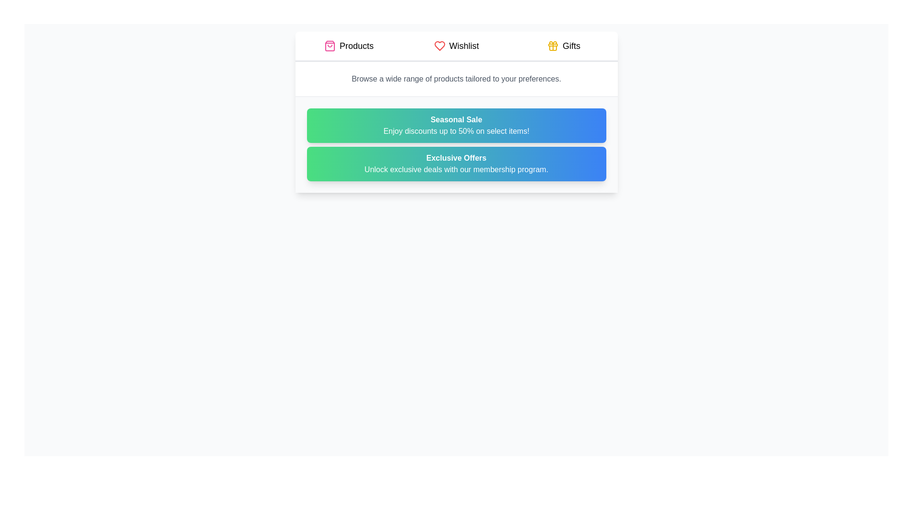 The image size is (921, 518). What do you see at coordinates (456, 46) in the screenshot?
I see `the Wishlist tab` at bounding box center [456, 46].